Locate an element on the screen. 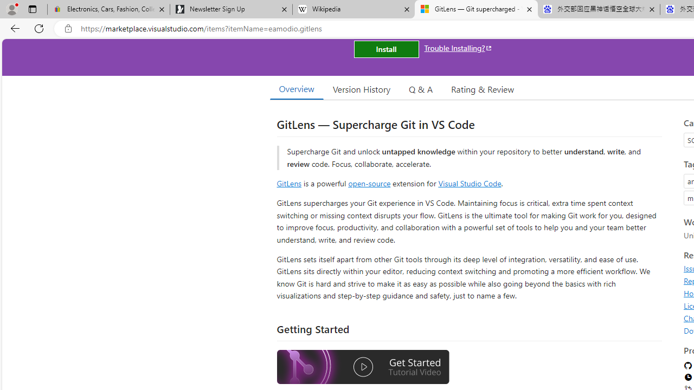  'Overview' is located at coordinates (296, 88).